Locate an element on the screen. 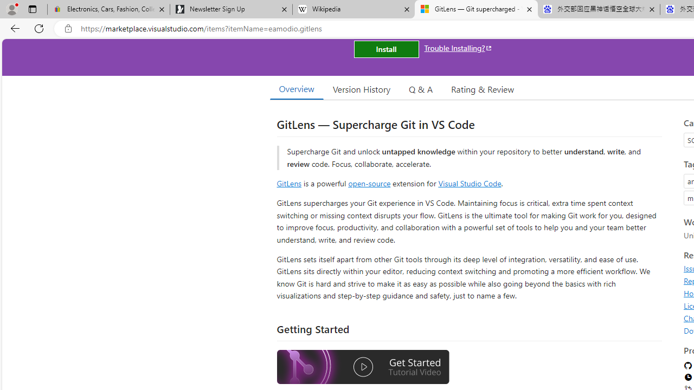  'Overview' is located at coordinates (296, 88).